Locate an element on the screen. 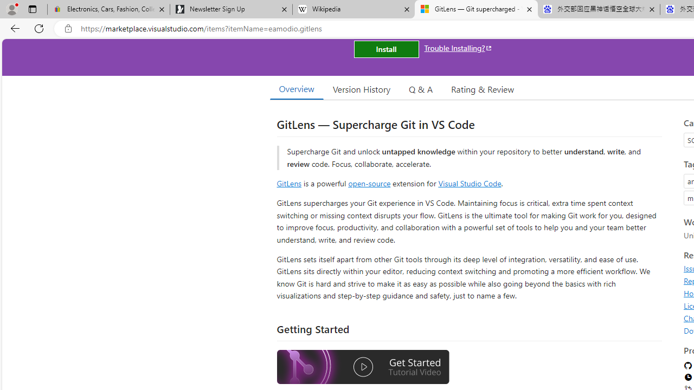  'Overview' is located at coordinates (296, 88).